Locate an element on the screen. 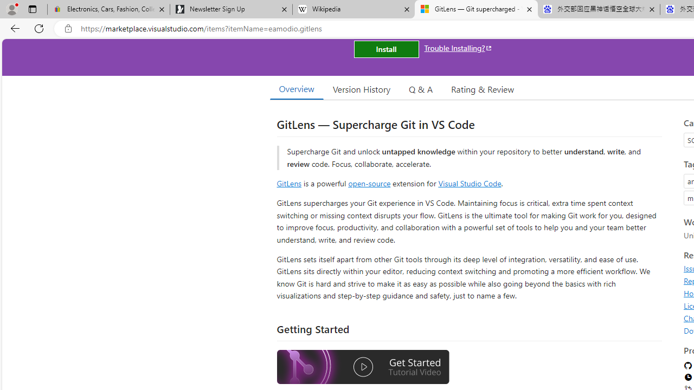  'Overview' is located at coordinates (296, 88).